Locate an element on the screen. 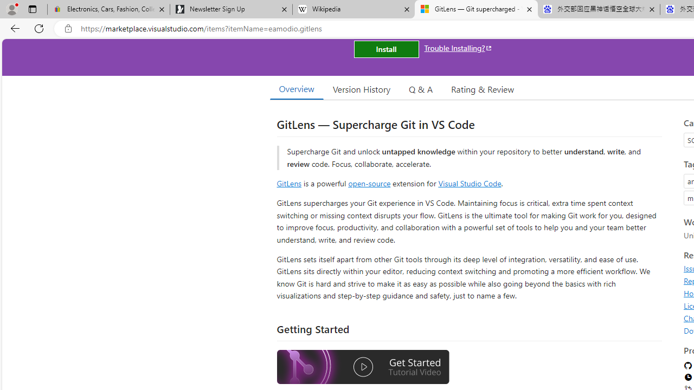  'Overview' is located at coordinates (296, 88).